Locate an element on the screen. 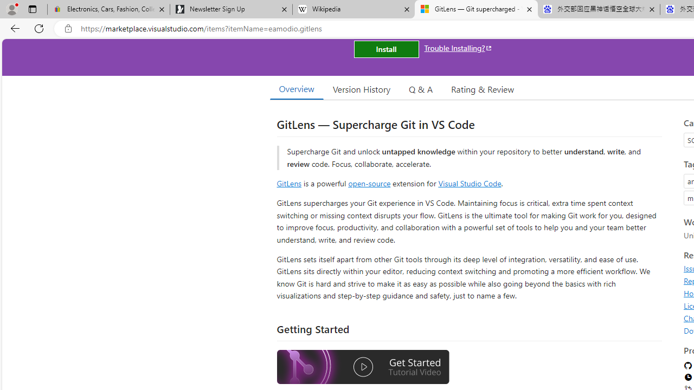  'Overview' is located at coordinates (296, 88).